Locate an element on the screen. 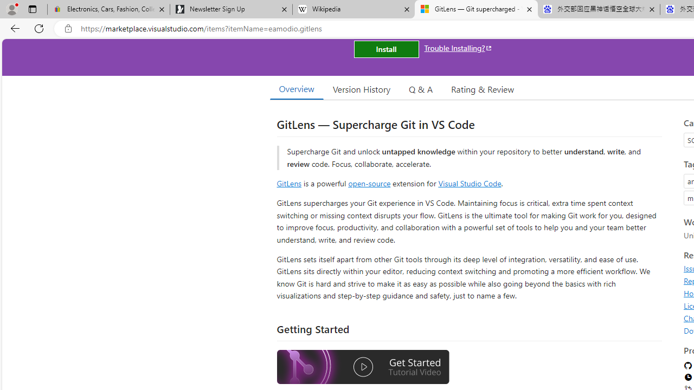  'Overview' is located at coordinates (296, 88).